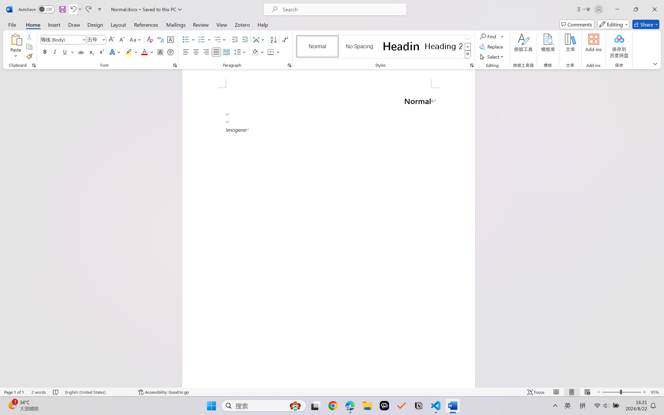  I want to click on 'Heading 1', so click(401, 46).